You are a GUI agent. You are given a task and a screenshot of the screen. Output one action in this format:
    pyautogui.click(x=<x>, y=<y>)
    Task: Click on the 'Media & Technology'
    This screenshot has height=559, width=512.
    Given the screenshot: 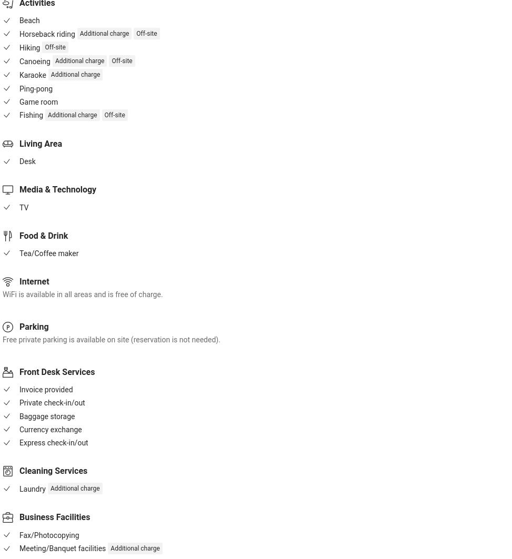 What is the action you would take?
    pyautogui.click(x=57, y=189)
    